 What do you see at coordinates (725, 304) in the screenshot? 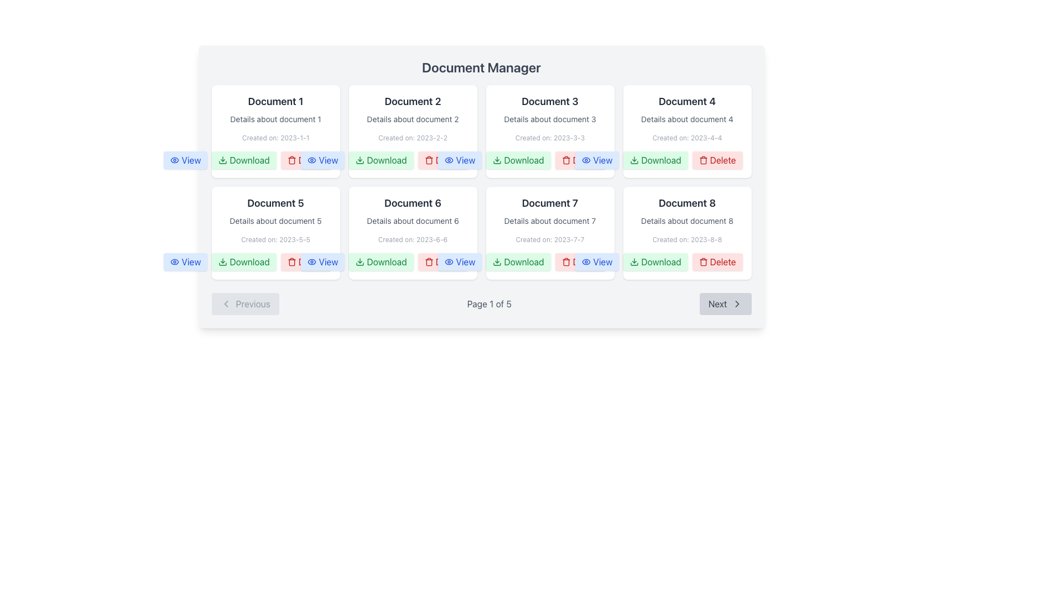
I see `the 'Next' button with a gray background and dark text` at bounding box center [725, 304].